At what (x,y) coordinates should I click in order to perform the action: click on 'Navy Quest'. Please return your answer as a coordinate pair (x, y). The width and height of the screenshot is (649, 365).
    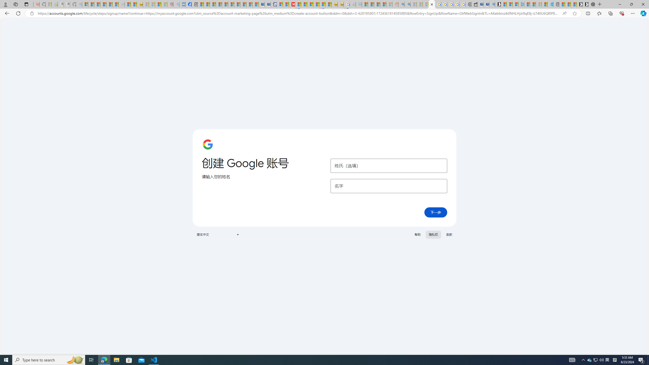
    Looking at the image, I should click on (353, 4).